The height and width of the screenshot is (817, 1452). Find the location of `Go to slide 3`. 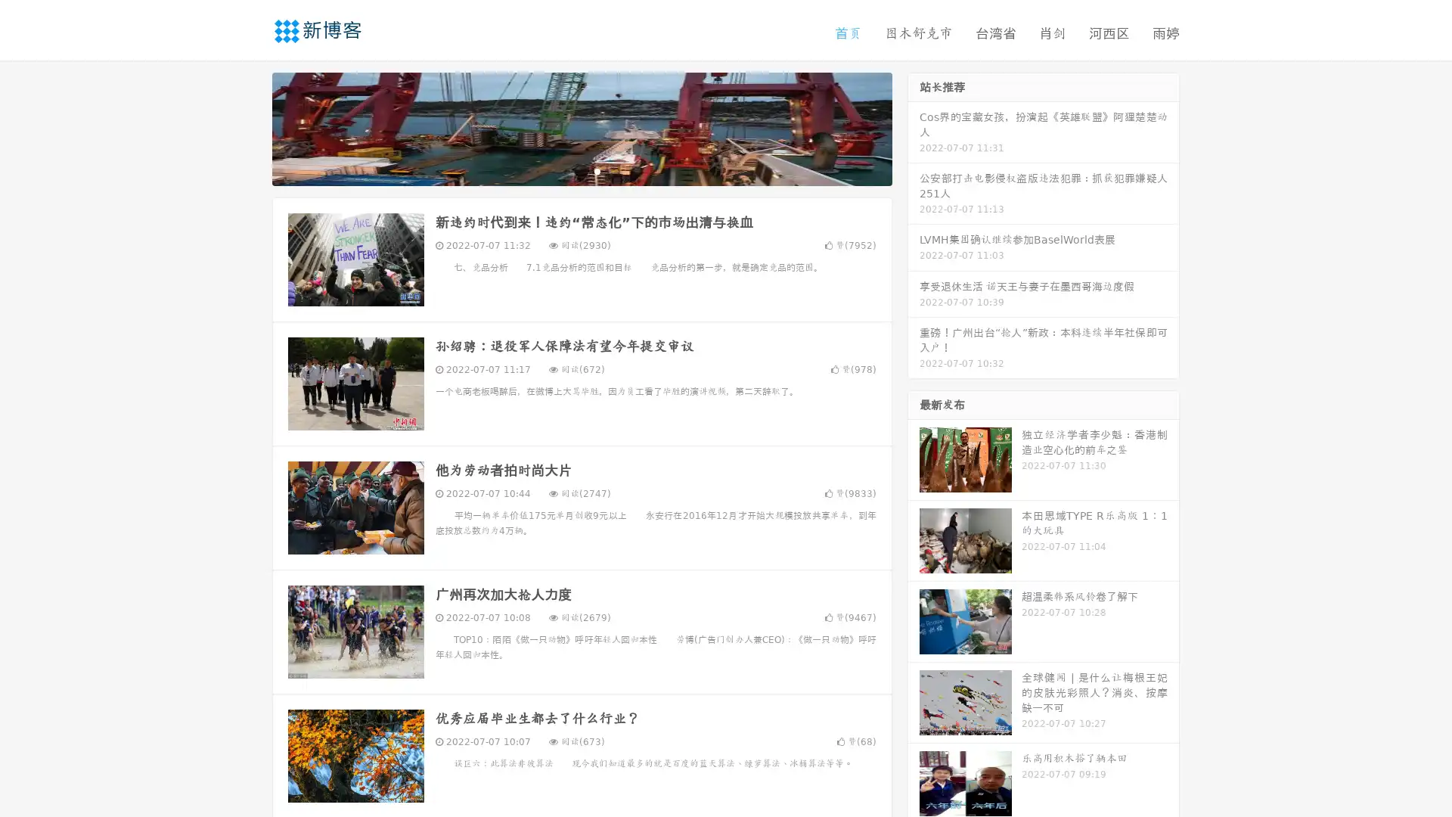

Go to slide 3 is located at coordinates (597, 170).